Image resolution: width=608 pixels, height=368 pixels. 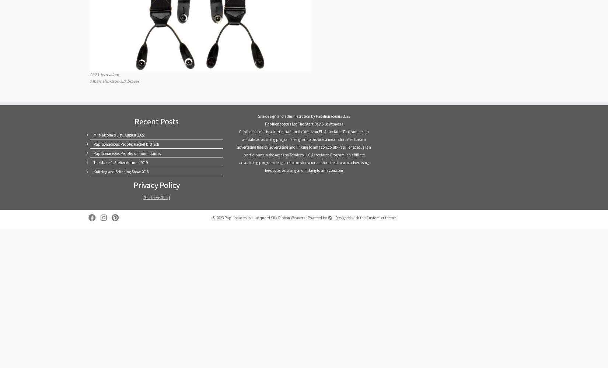 I want to click on 'Papilionaceous Ltd The Start Bay Silk Weavers', so click(x=304, y=123).